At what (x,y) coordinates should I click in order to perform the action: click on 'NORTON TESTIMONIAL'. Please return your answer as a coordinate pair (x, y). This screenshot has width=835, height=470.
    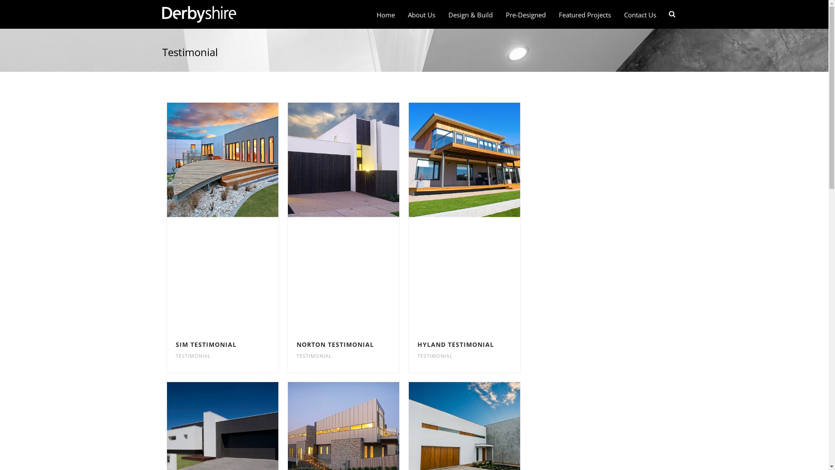
    Looking at the image, I should click on (335, 344).